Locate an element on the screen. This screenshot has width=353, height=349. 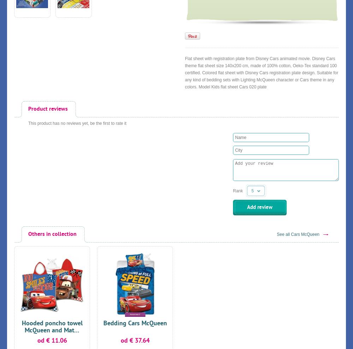
'Product reviews' is located at coordinates (28, 109).